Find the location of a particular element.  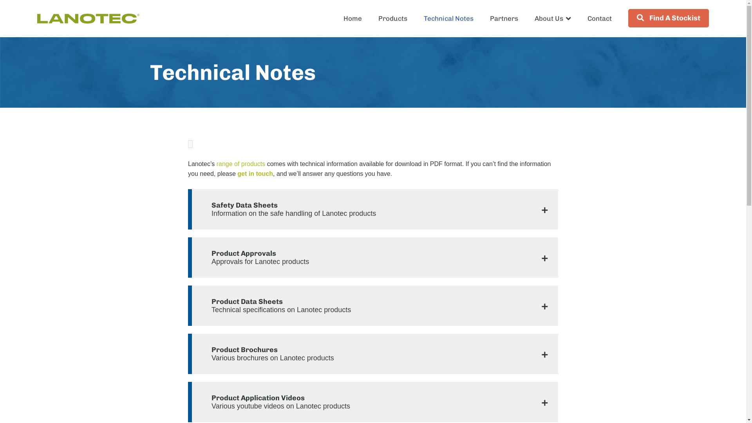

'Contact' is located at coordinates (599, 18).